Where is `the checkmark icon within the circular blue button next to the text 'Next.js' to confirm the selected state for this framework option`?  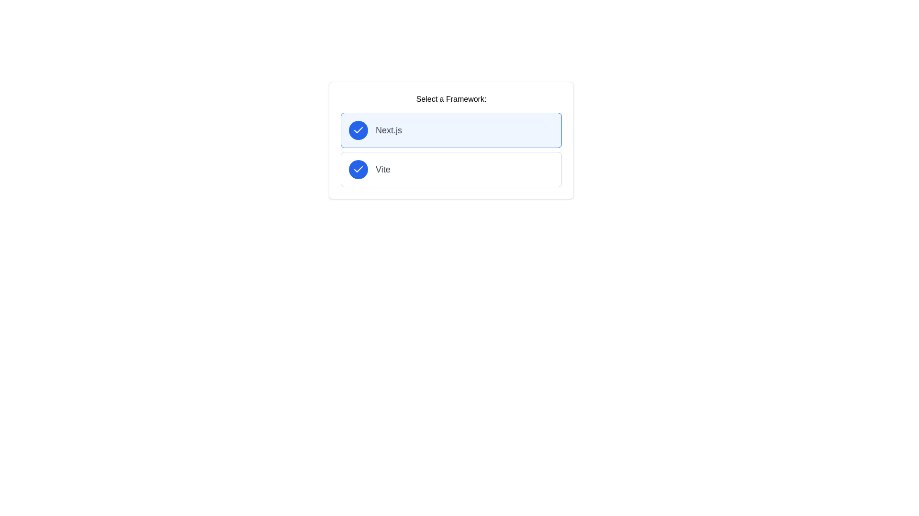
the checkmark icon within the circular blue button next to the text 'Next.js' to confirm the selected state for this framework option is located at coordinates (358, 169).